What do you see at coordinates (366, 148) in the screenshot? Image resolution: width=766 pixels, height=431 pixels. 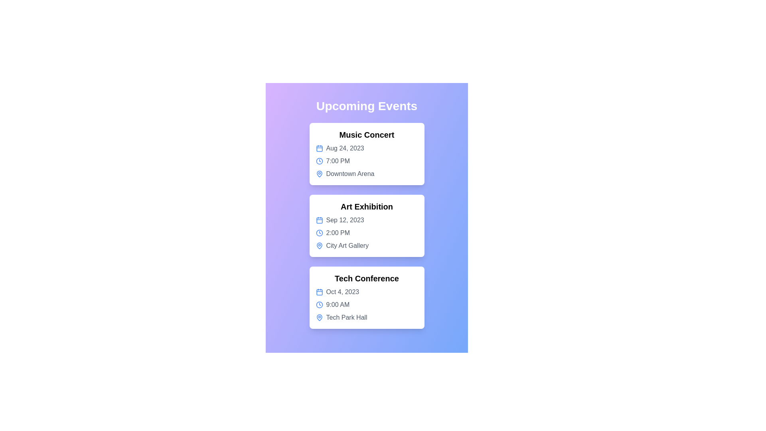 I see `the Text Label with Icon that displays the date of the event in the 'Music Concert' card for accessibility purposes` at bounding box center [366, 148].